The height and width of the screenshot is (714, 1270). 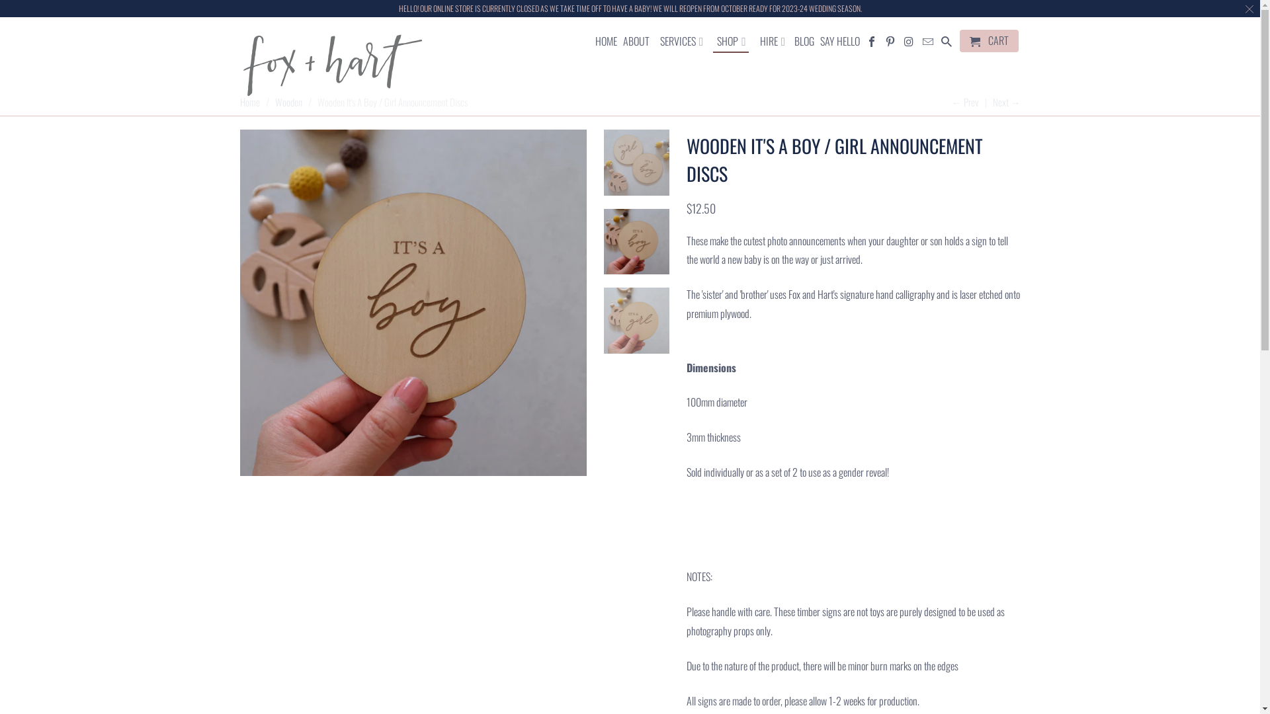 I want to click on 'BLOG', so click(x=803, y=42).